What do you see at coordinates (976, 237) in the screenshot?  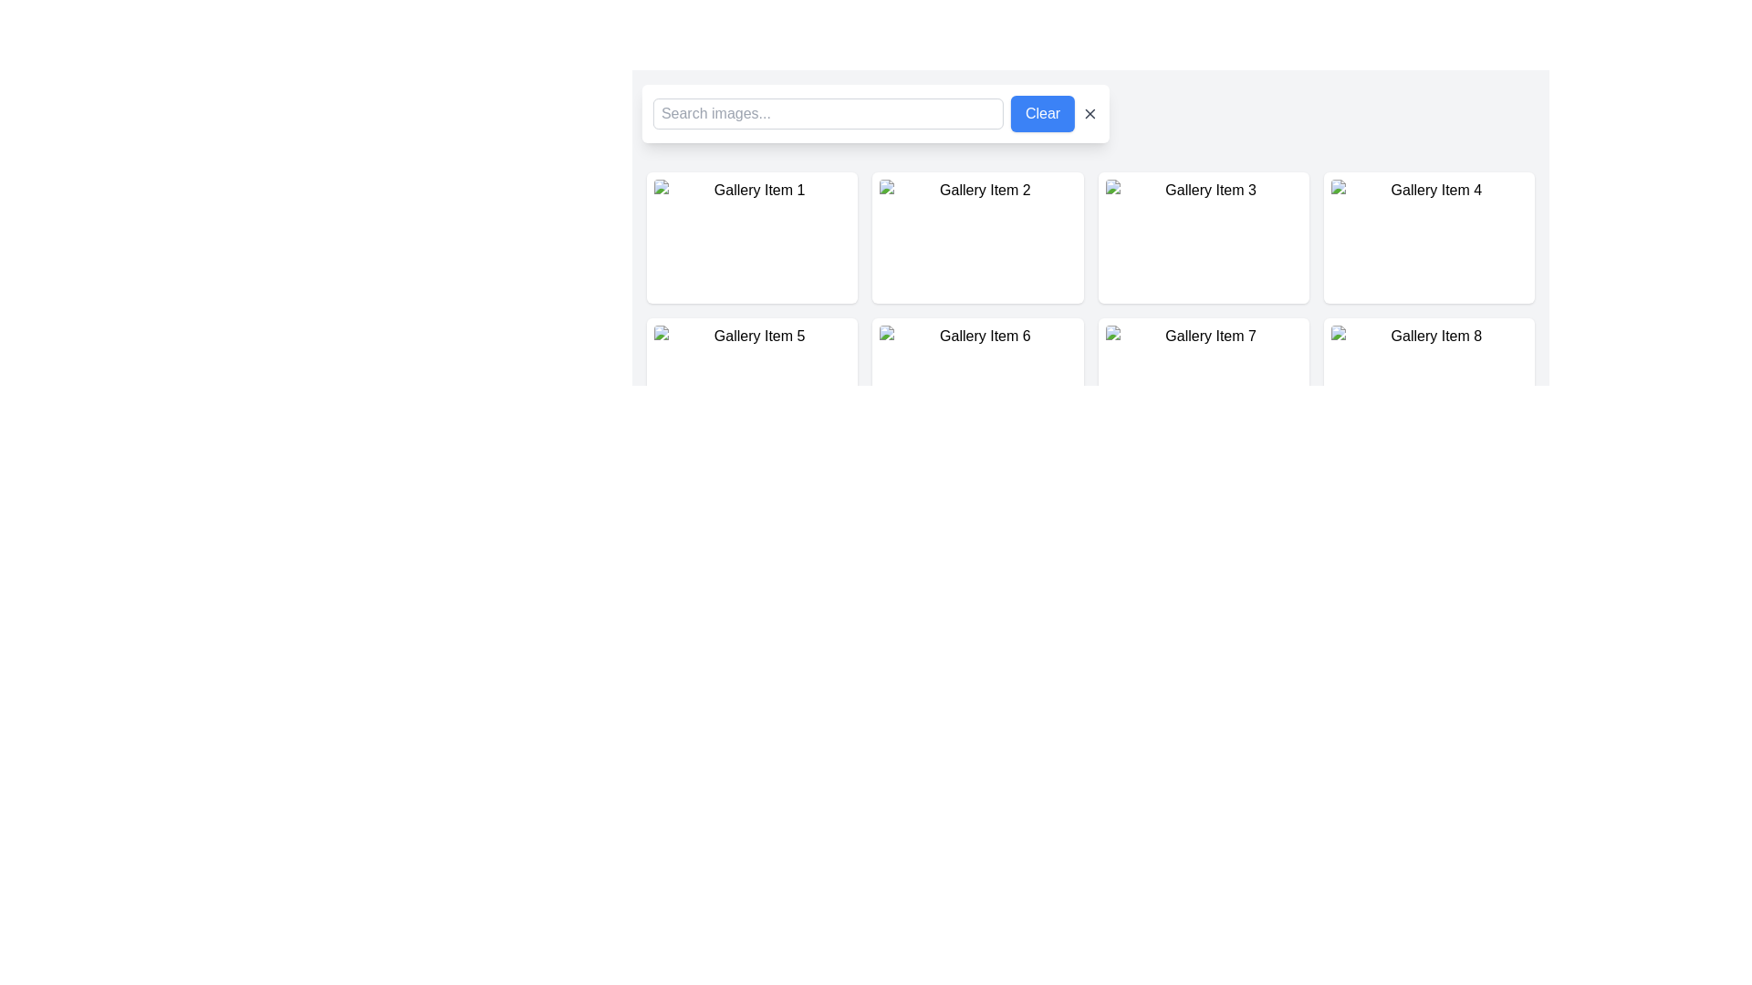 I see `the second image thumbnail in the top row of the gallery` at bounding box center [976, 237].